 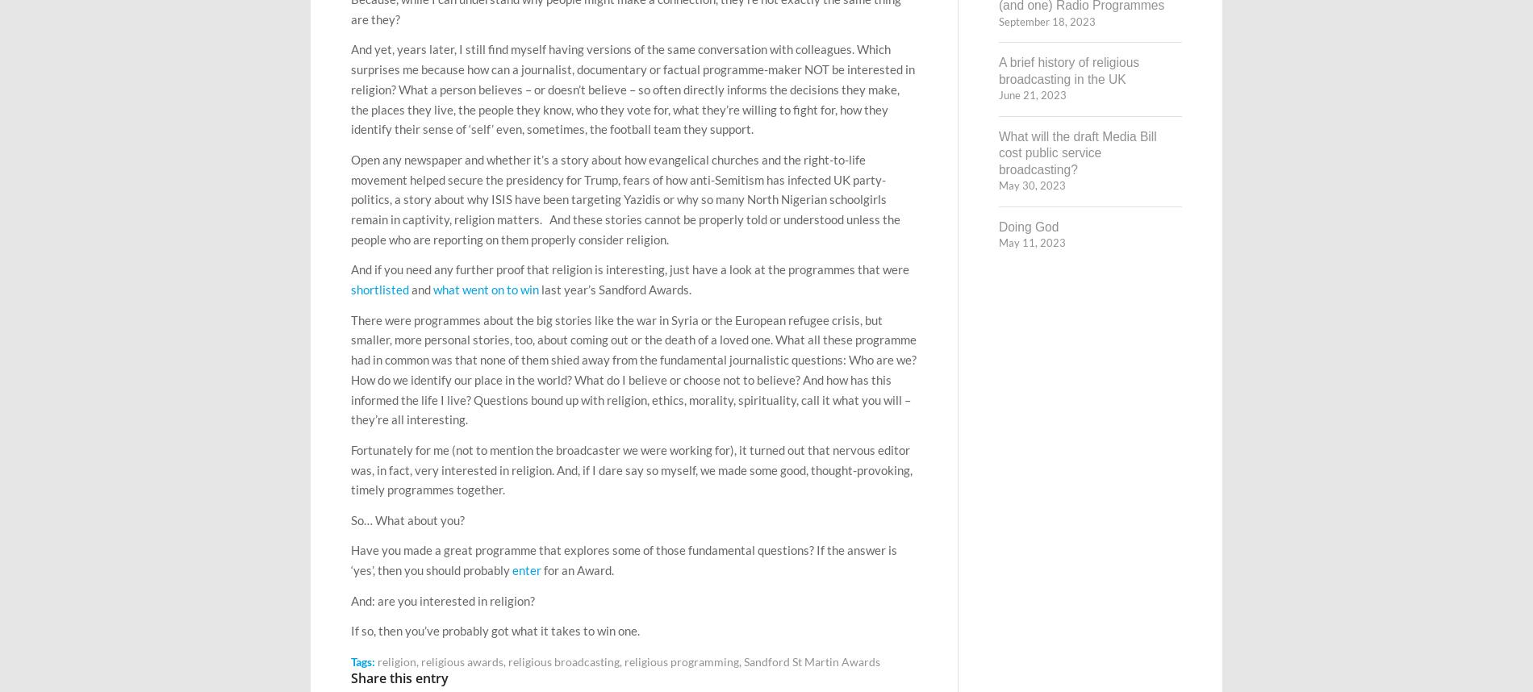 I want to click on 'Doing God', so click(x=1027, y=226).